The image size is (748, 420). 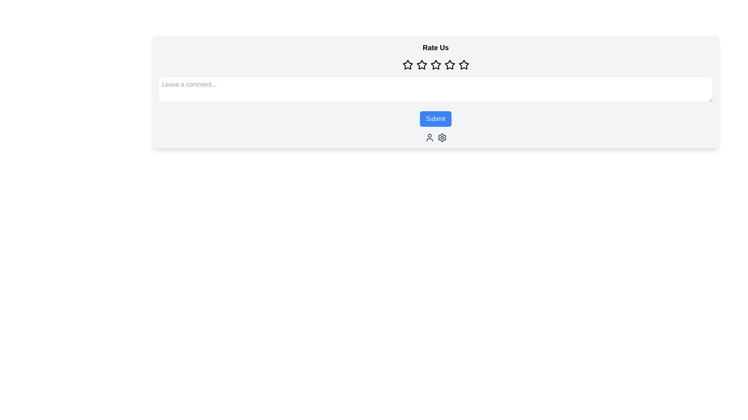 What do you see at coordinates (429, 137) in the screenshot?
I see `the user icon button, which is the first icon in a row of two icons, to trigger a tooltip or highlight` at bounding box center [429, 137].